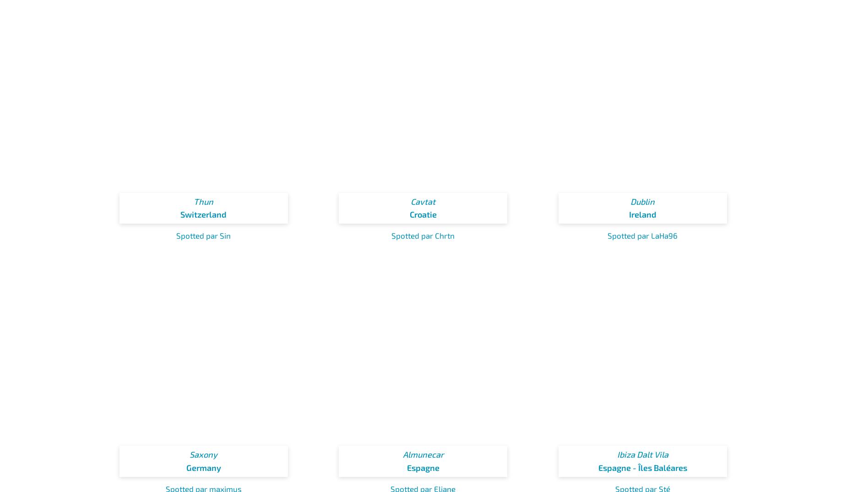 Image resolution: width=847 pixels, height=492 pixels. I want to click on 'Cavtat', so click(423, 201).